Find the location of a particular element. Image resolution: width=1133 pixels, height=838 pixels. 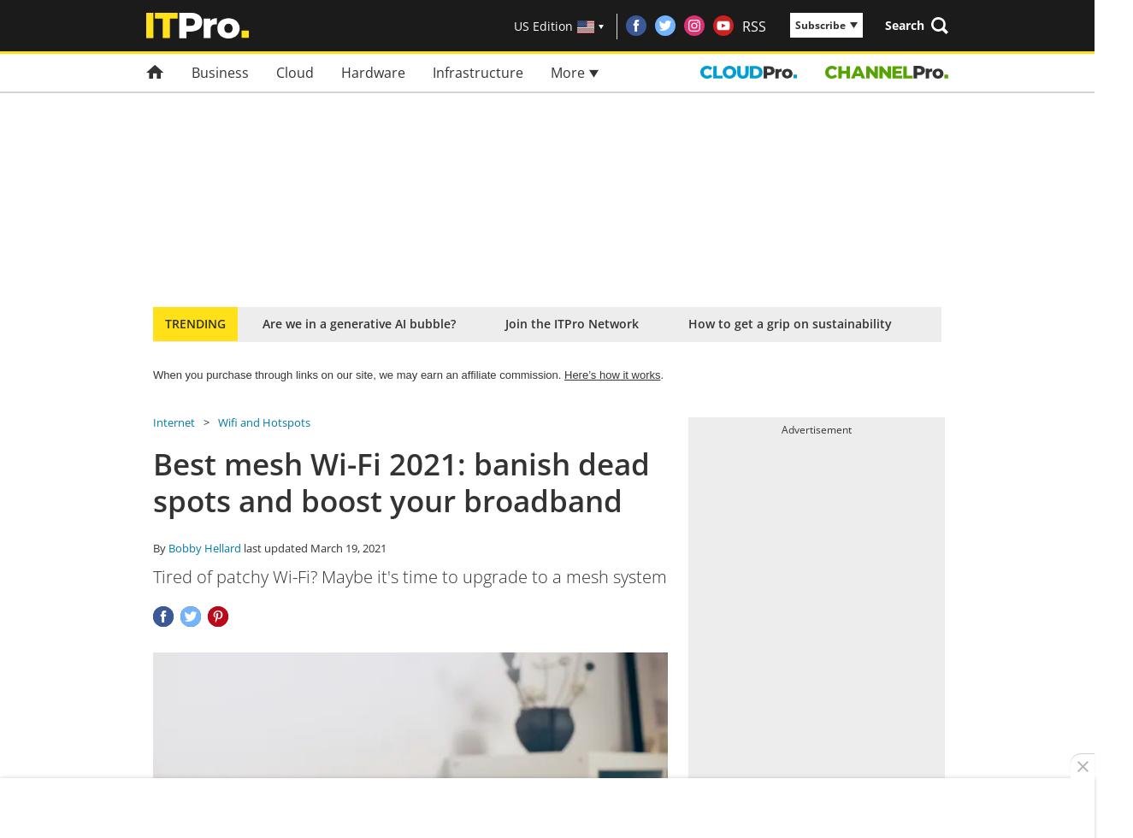

'US Edition' is located at coordinates (542, 26).